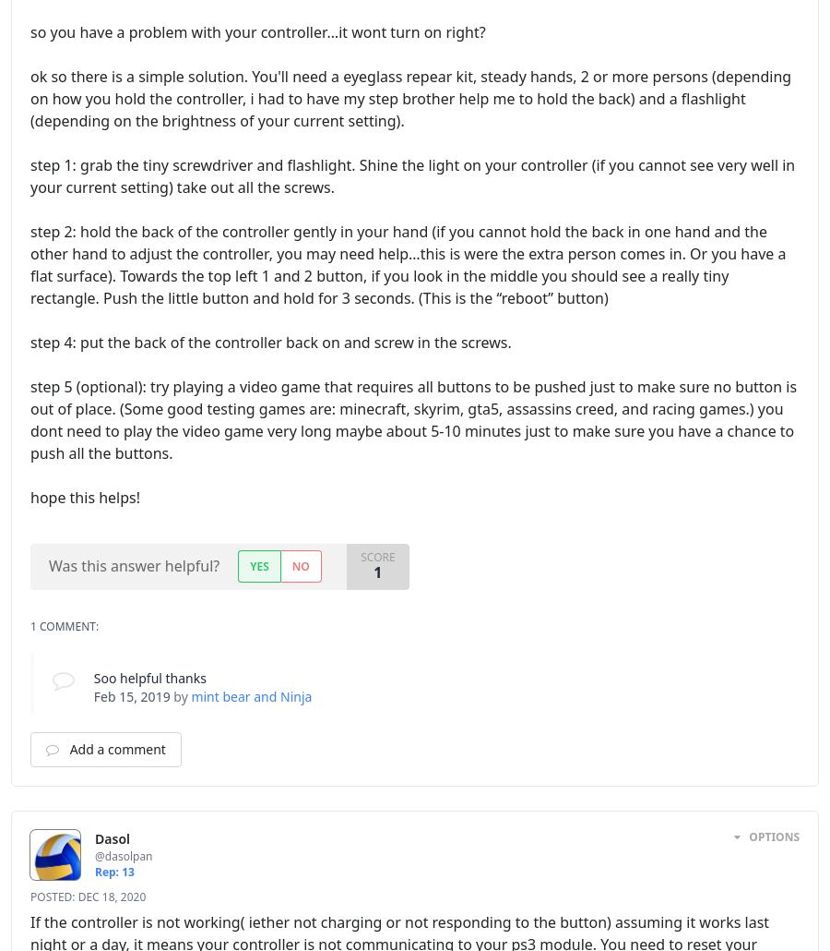 This screenshot has height=951, width=830. What do you see at coordinates (91, 677) in the screenshot?
I see `'Soo helpful thanks'` at bounding box center [91, 677].